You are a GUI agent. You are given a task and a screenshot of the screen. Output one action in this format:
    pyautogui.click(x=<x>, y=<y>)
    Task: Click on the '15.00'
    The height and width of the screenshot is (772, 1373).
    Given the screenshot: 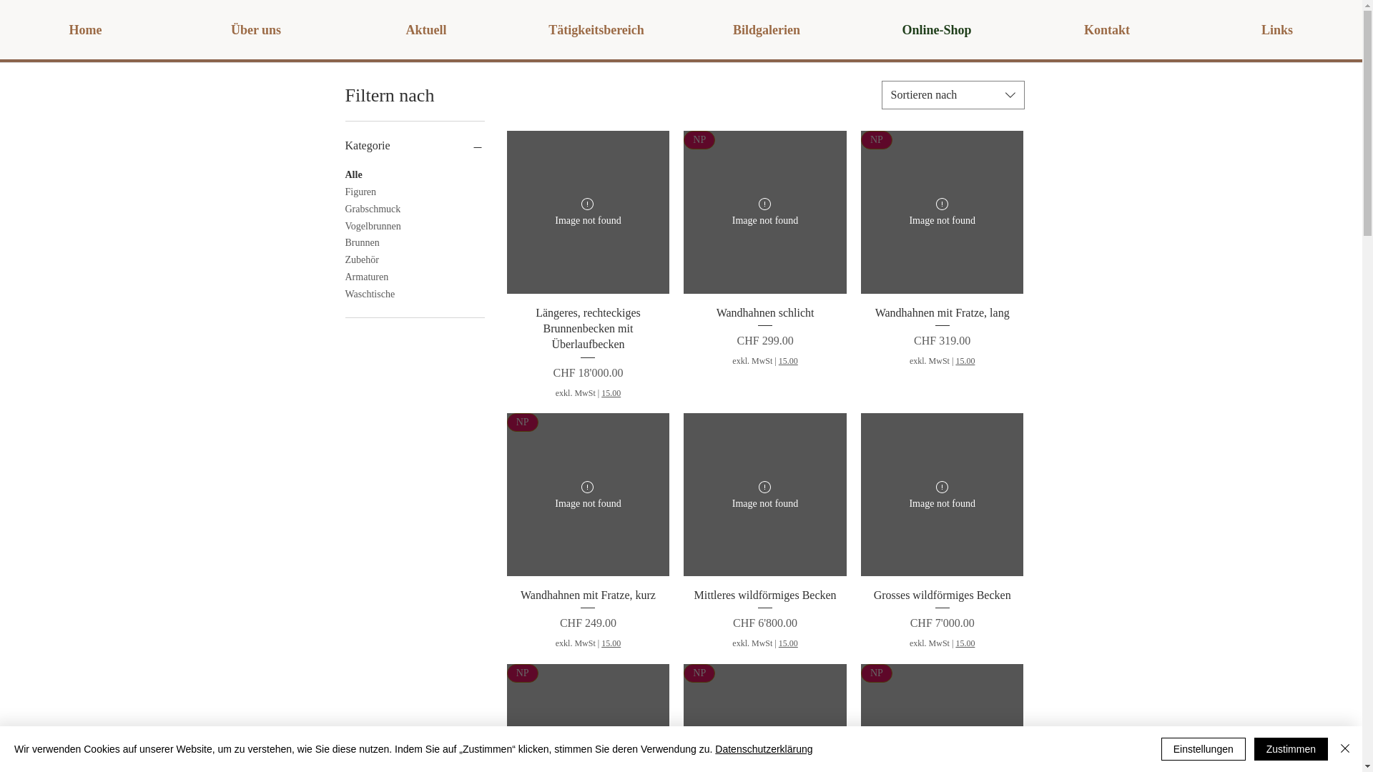 What is the action you would take?
    pyautogui.click(x=787, y=643)
    